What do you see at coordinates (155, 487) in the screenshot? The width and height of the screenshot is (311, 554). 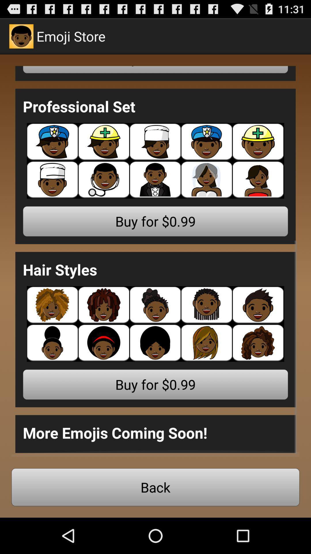 I see `back button` at bounding box center [155, 487].